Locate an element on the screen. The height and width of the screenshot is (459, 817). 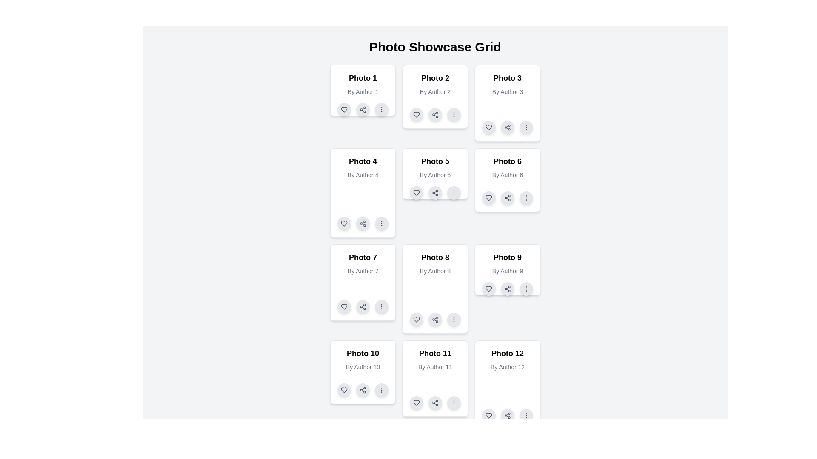
the small circular share button with a gray background and a share icon, located between the heart button and the ellipsis button at the bottom of the card for 'Photo 10' by 'Author 10' to change its background color is located at coordinates (363, 390).